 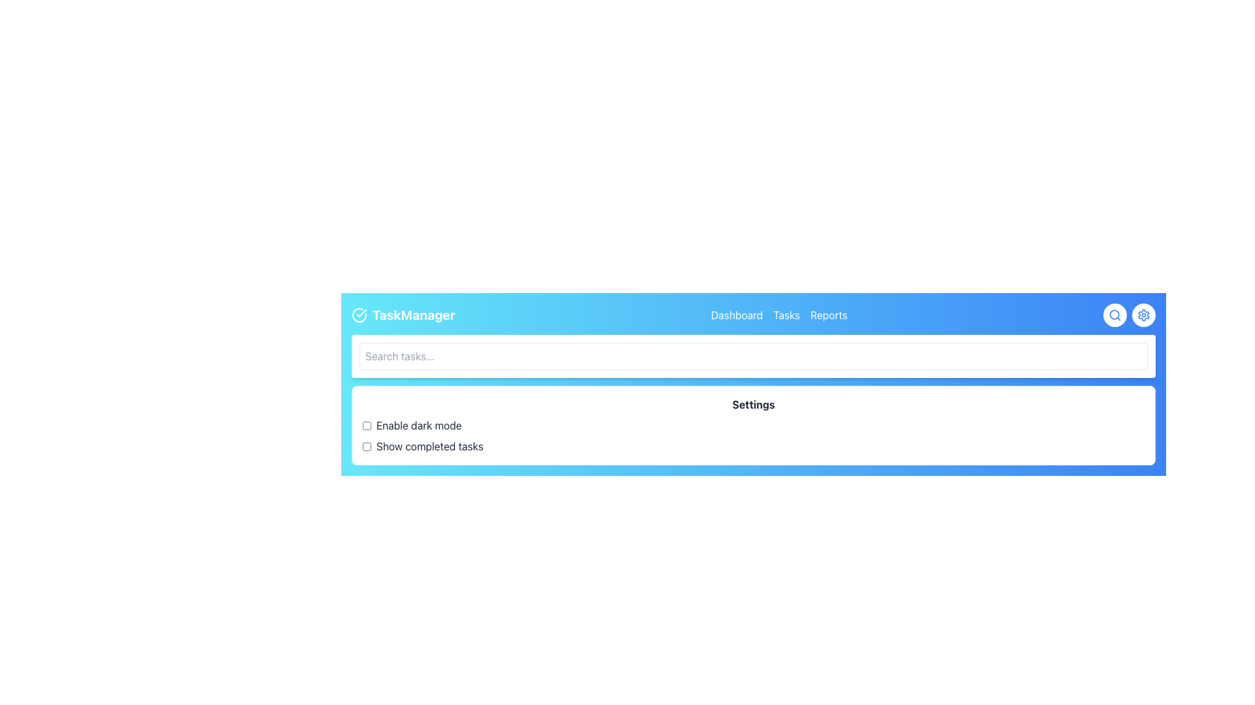 What do you see at coordinates (1114, 315) in the screenshot?
I see `the search button with icon located in the upper blue header bar` at bounding box center [1114, 315].